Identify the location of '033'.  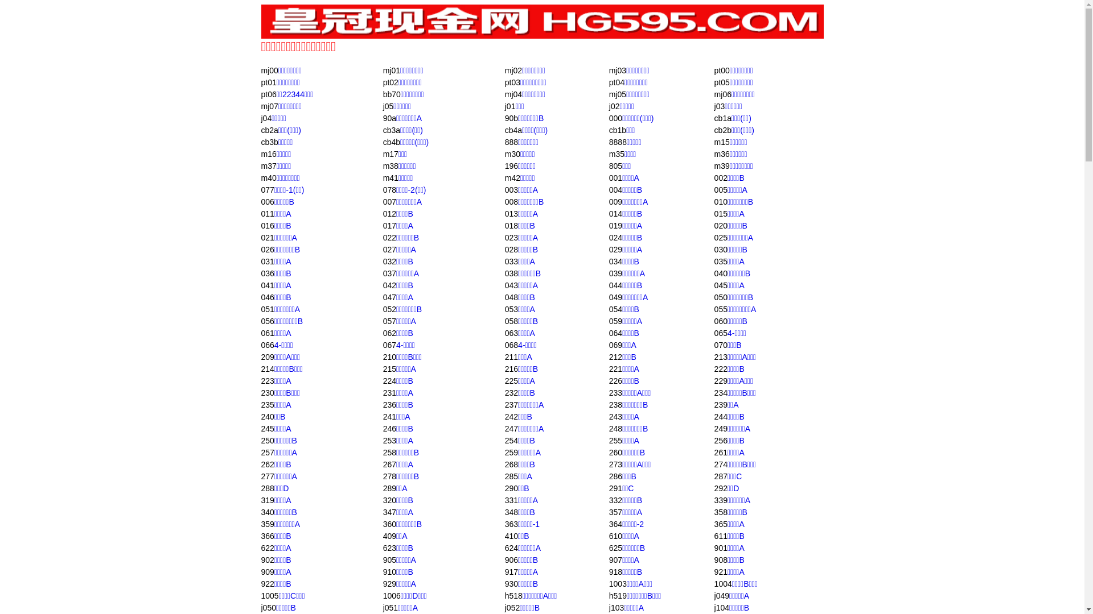
(511, 261).